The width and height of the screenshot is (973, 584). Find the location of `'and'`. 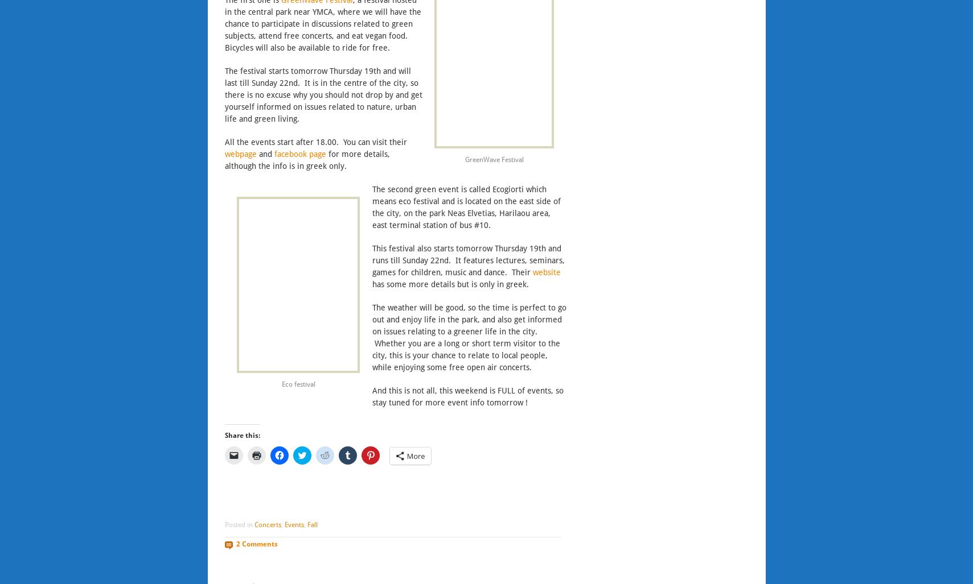

'and' is located at coordinates (255, 153).